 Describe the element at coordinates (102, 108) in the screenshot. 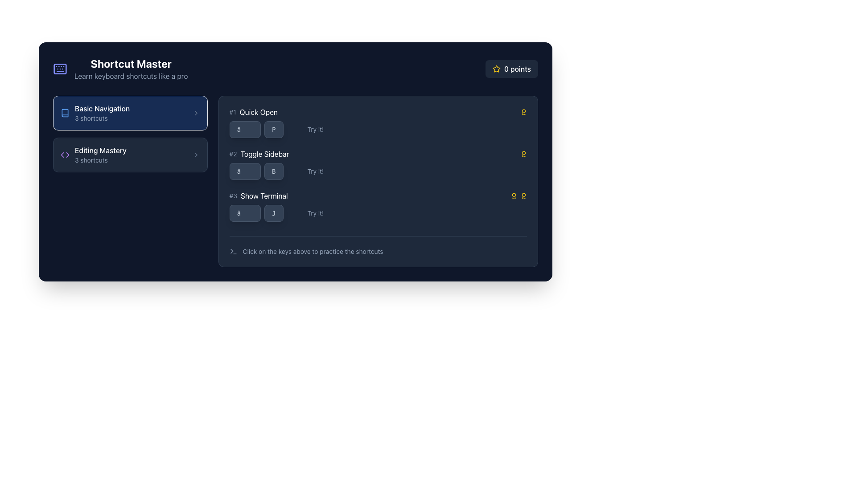

I see `the text label 'Basic Navigation' which is styled with a white font color and is prominently positioned in the left panel under the title 'Shortcut Master'` at that location.